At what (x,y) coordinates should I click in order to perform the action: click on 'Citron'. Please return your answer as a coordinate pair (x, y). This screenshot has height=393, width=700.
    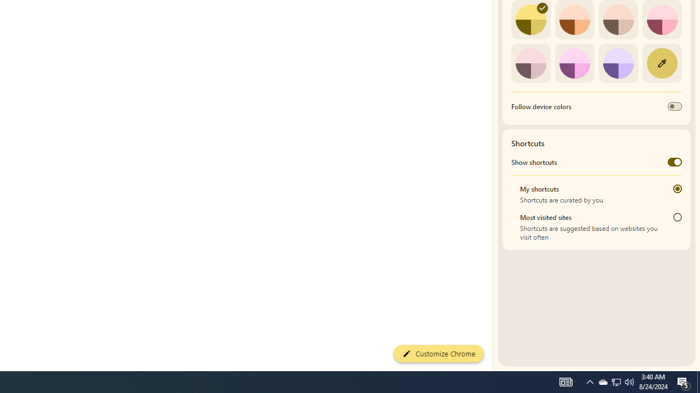
    Looking at the image, I should click on (530, 20).